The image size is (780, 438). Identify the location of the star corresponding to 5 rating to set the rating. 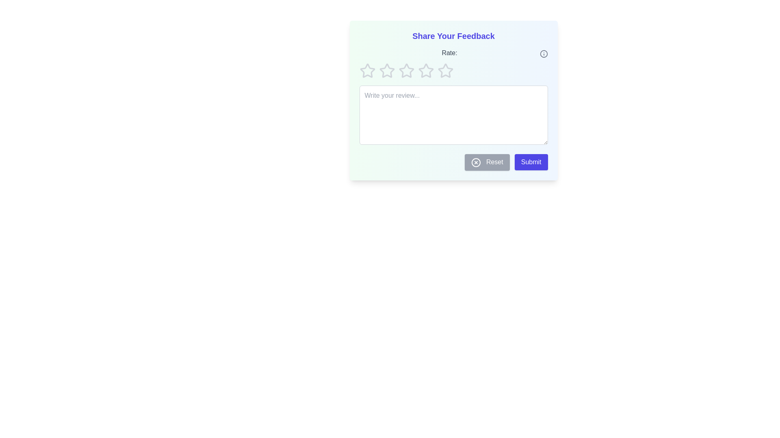
(445, 70).